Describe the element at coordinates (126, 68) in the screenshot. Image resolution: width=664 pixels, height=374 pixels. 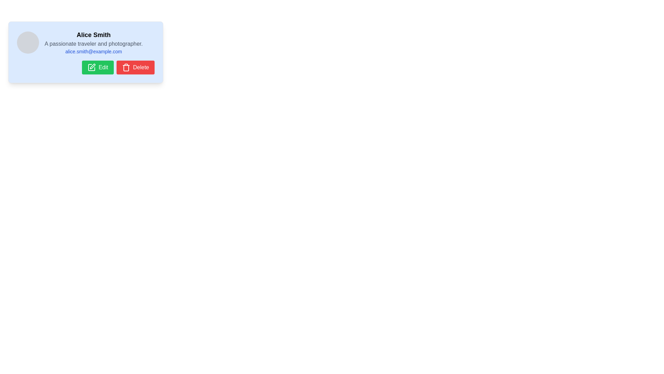
I see `the trash bin icon located to the left of the 'Delete' label` at that location.